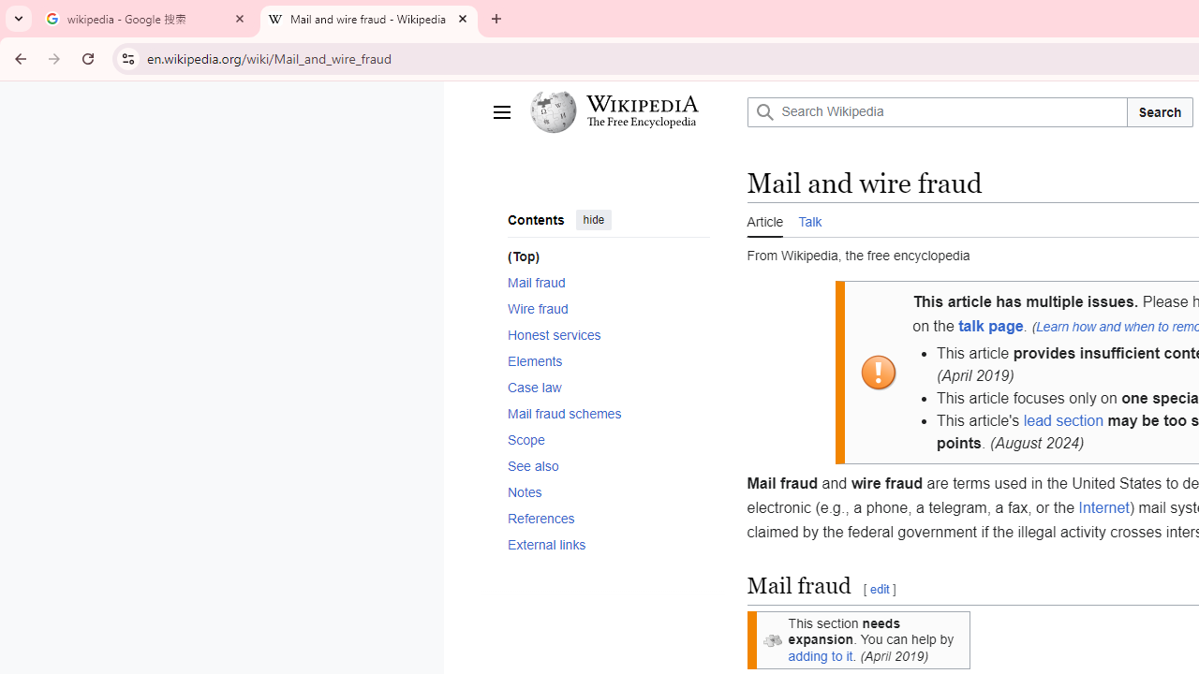 This screenshot has width=1199, height=674. I want to click on 'Mail and wire fraud - Wikipedia', so click(369, 19).